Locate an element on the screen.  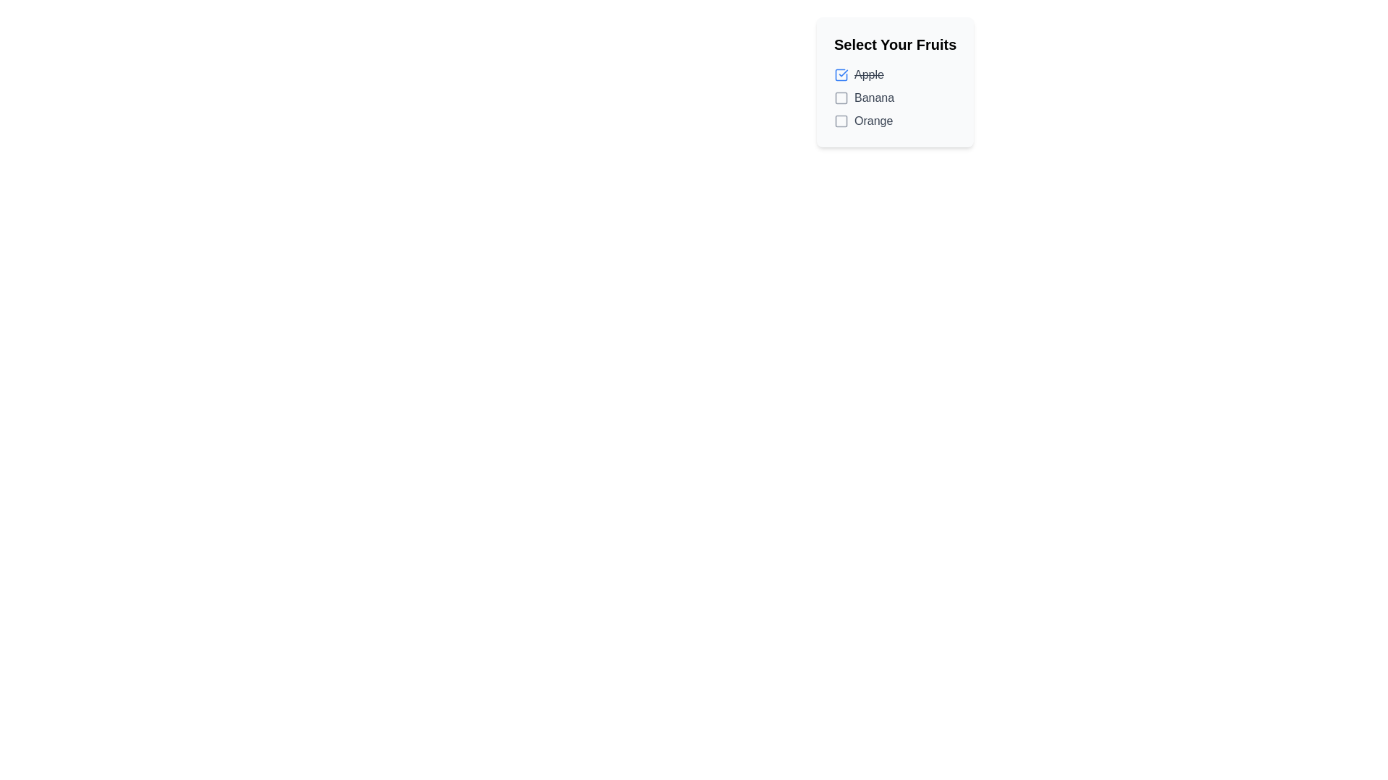
the Checkbox icon with a dark gray border located to the left of the text 'Banana' is located at coordinates (841, 97).